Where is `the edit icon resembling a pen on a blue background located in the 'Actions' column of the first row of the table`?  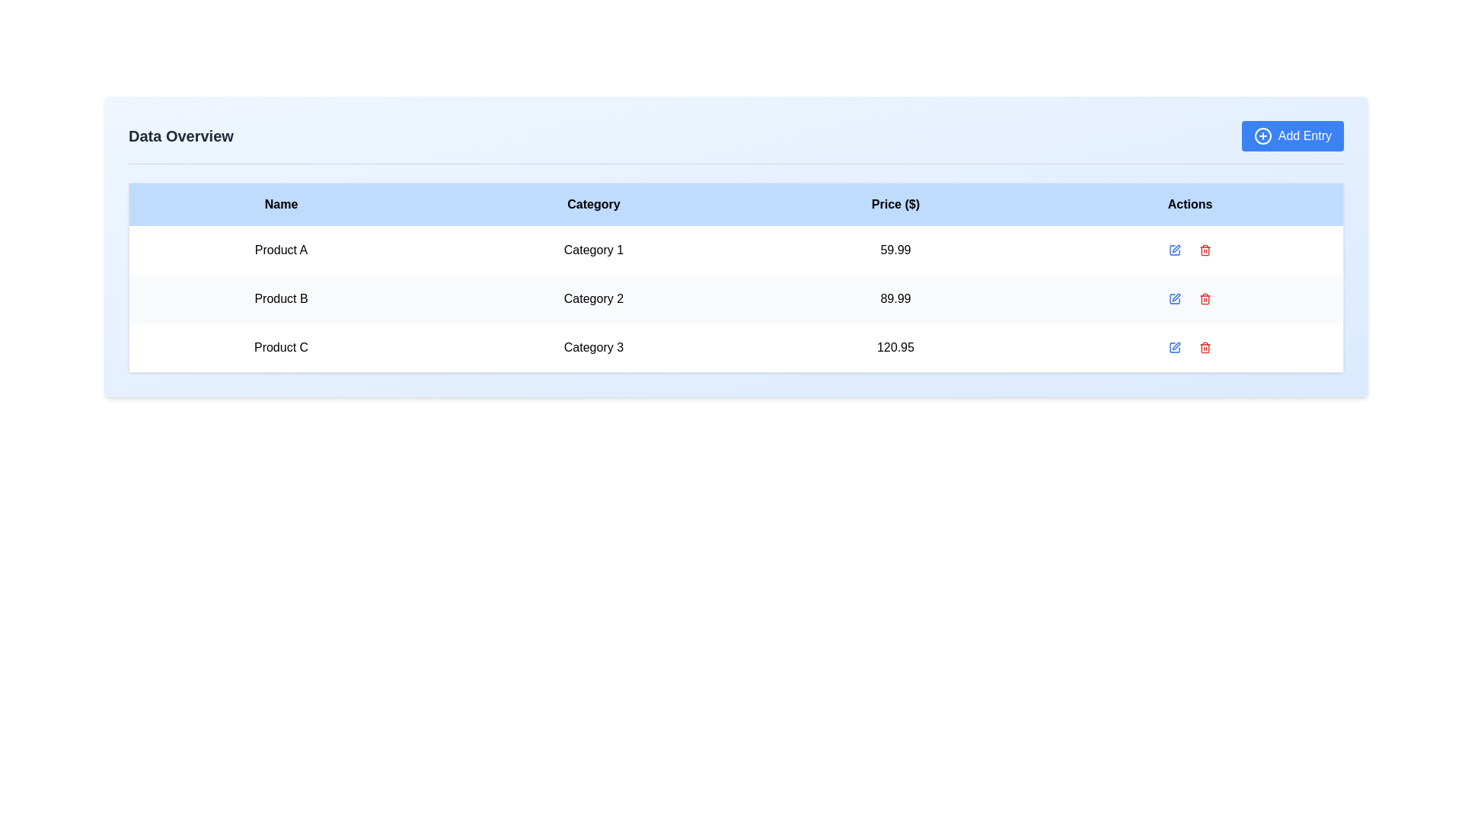
the edit icon resembling a pen on a blue background located in the 'Actions' column of the first row of the table is located at coordinates (1173, 249).